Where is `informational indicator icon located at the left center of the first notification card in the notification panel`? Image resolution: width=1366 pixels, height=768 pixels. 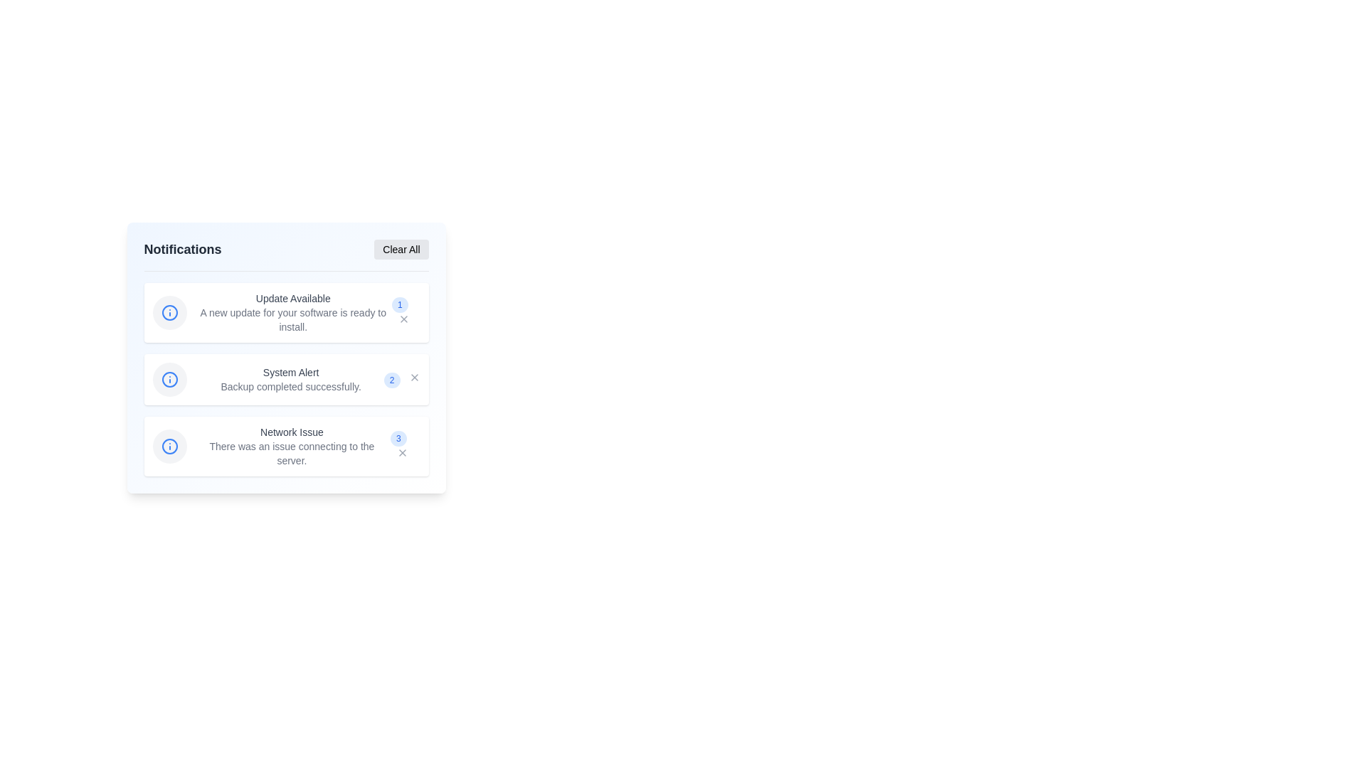 informational indicator icon located at the left center of the first notification card in the notification panel is located at coordinates (169, 311).